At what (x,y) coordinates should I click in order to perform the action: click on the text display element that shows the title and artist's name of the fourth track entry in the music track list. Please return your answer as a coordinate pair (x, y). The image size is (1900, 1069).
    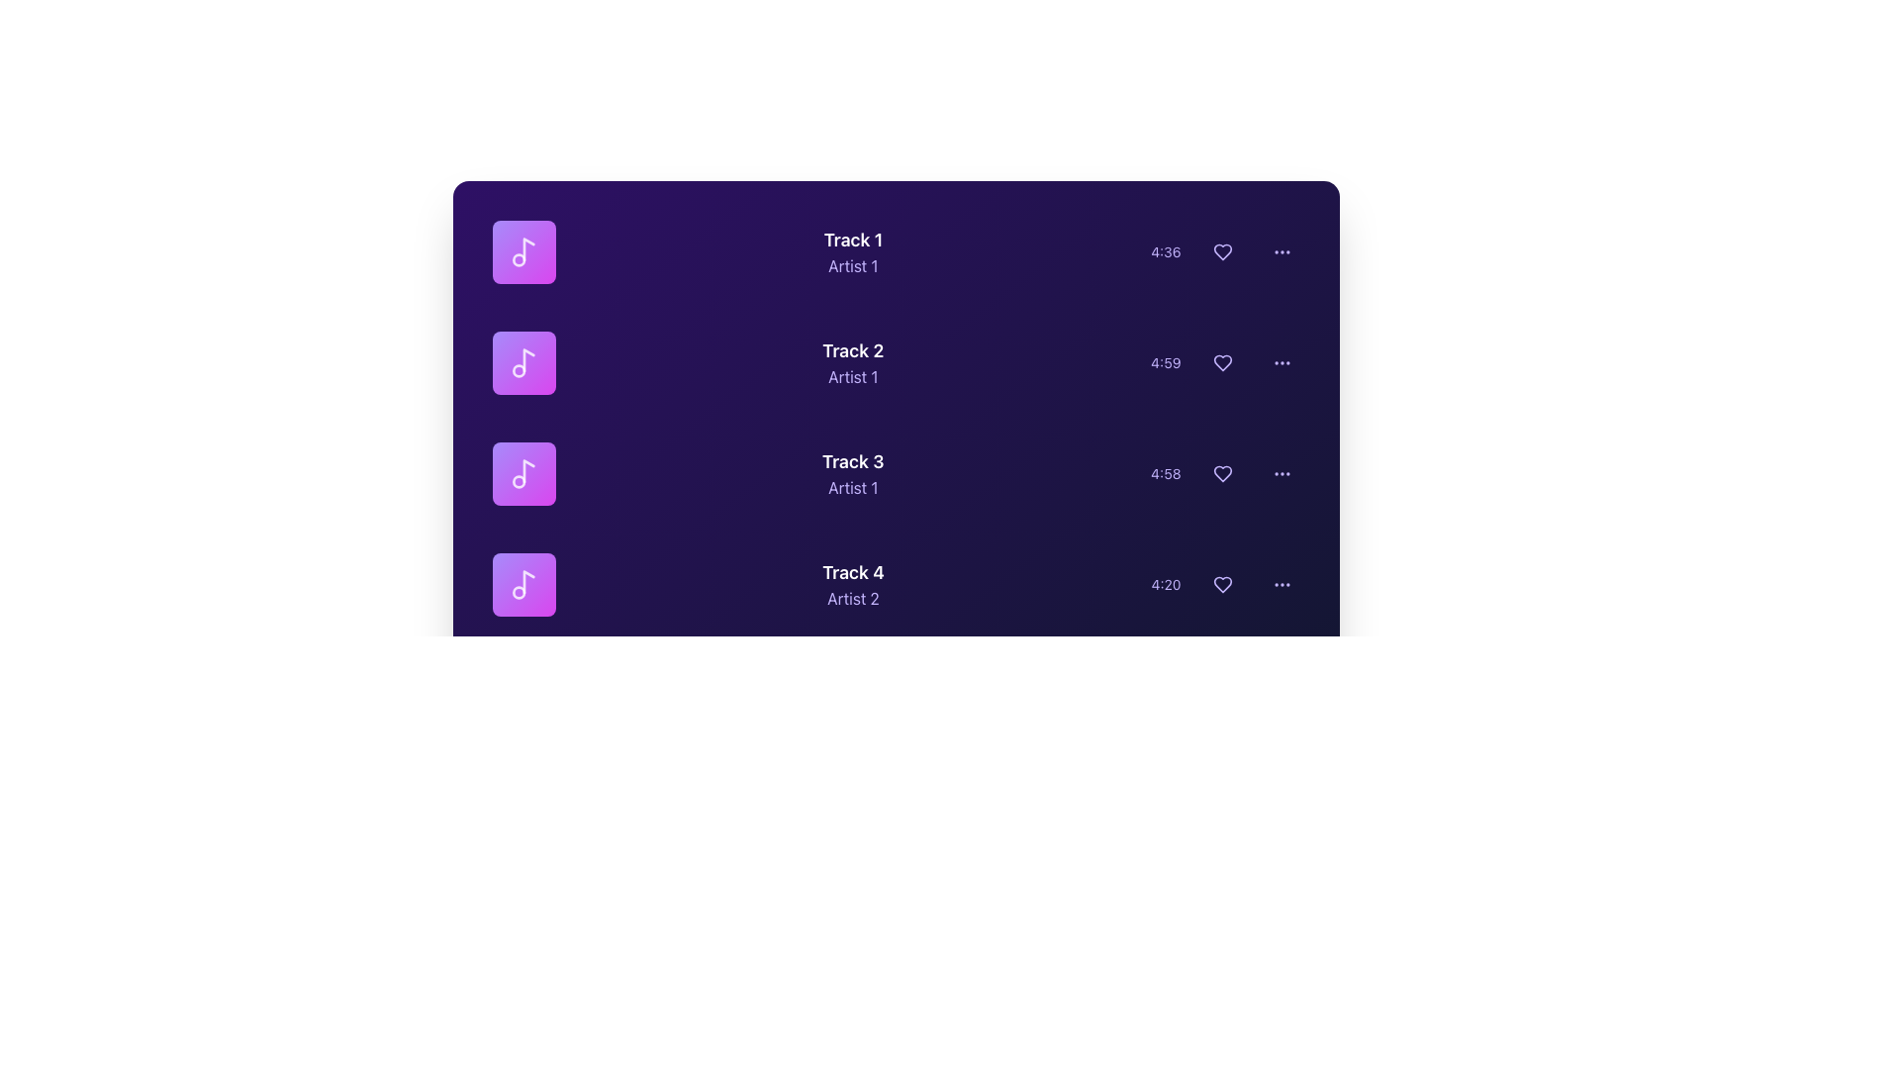
    Looking at the image, I should click on (853, 583).